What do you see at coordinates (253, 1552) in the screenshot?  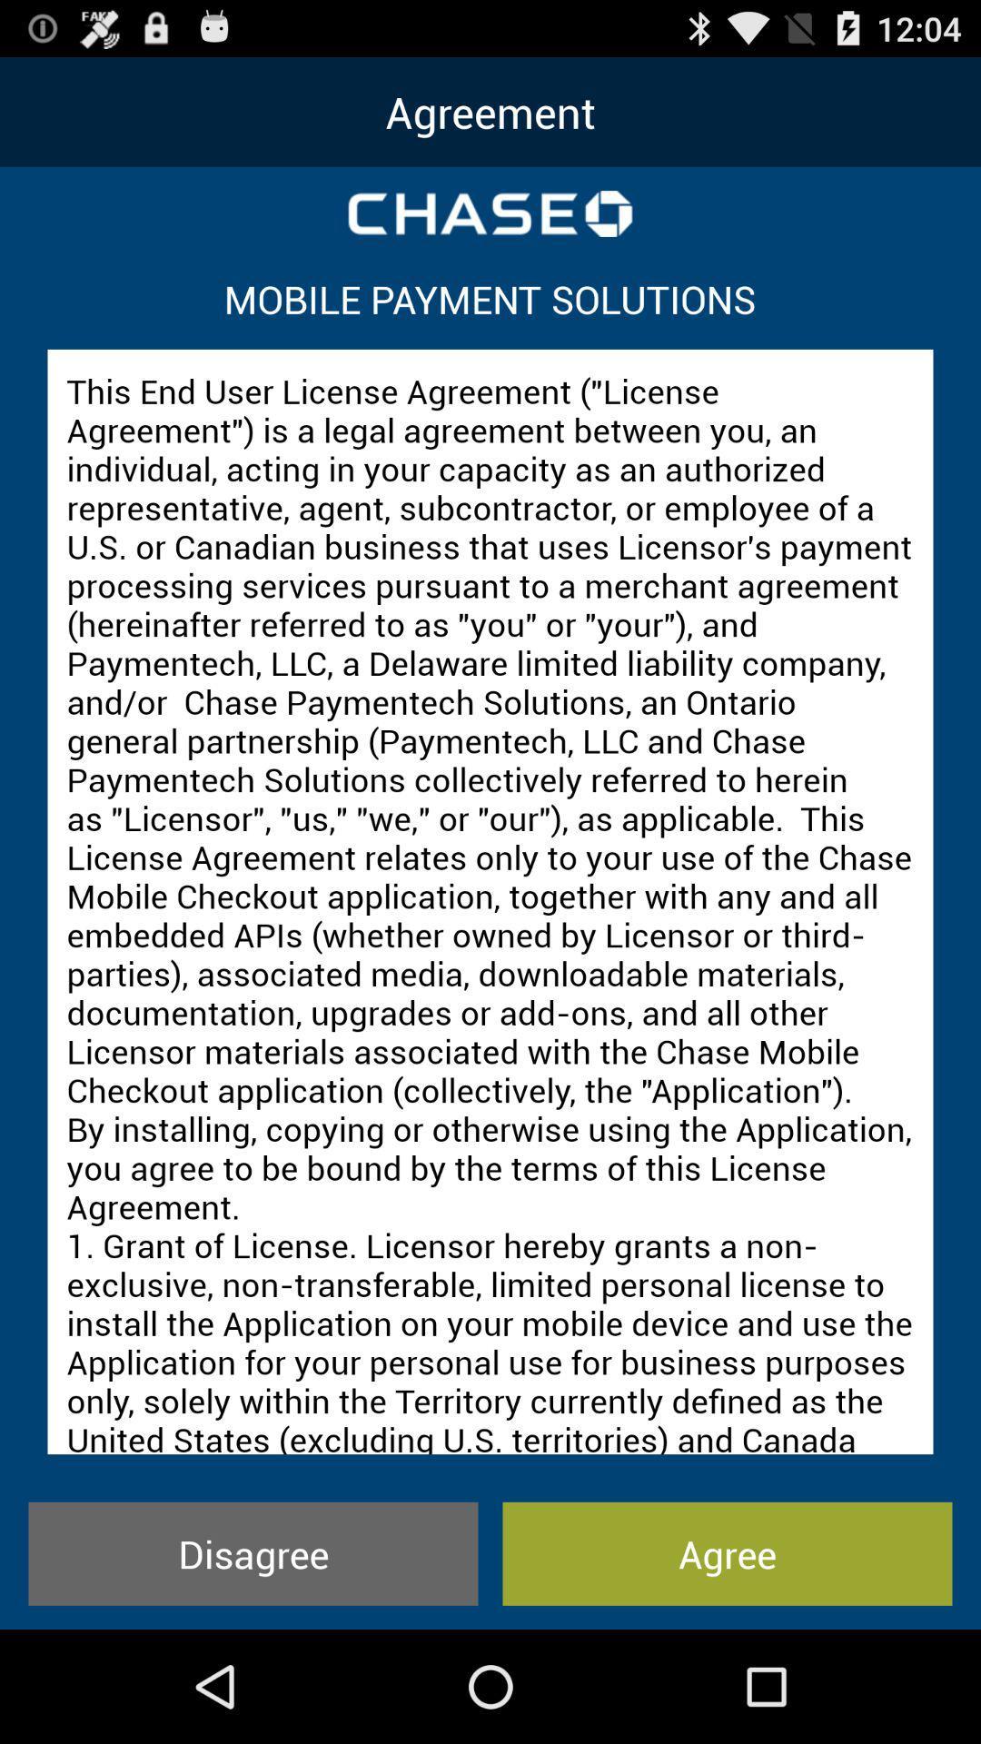 I see `disagree item` at bounding box center [253, 1552].